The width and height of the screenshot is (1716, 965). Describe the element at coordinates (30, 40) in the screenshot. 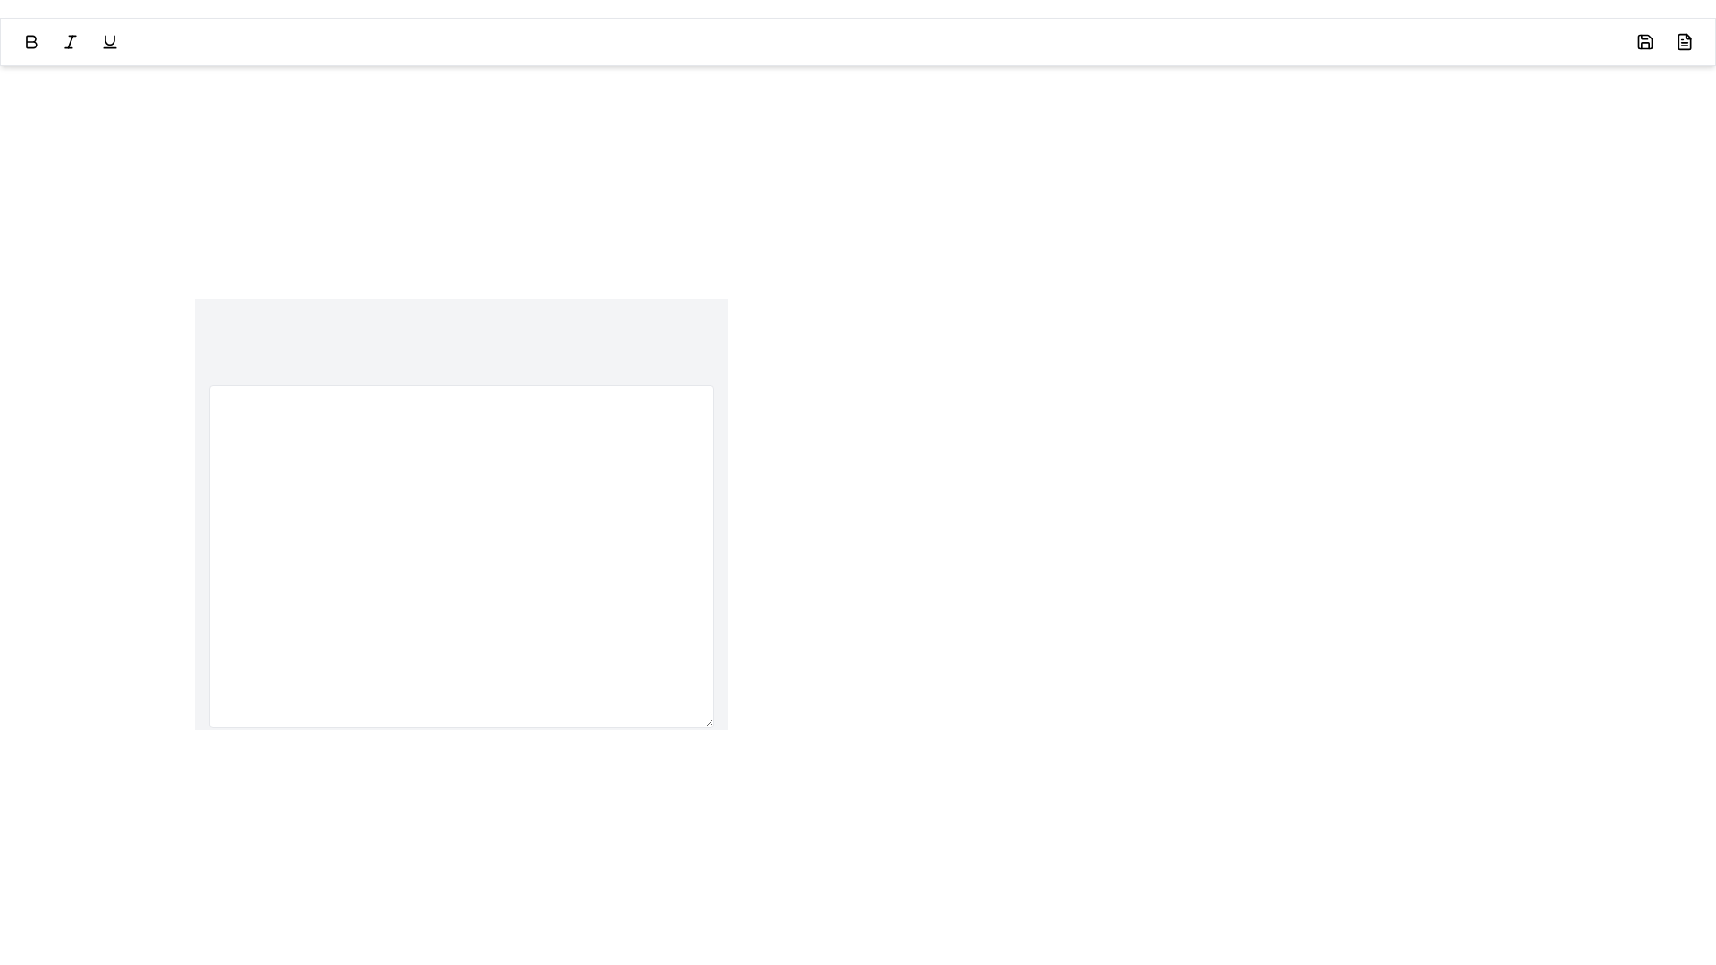

I see `the bold formatting button in the rich text editor` at that location.